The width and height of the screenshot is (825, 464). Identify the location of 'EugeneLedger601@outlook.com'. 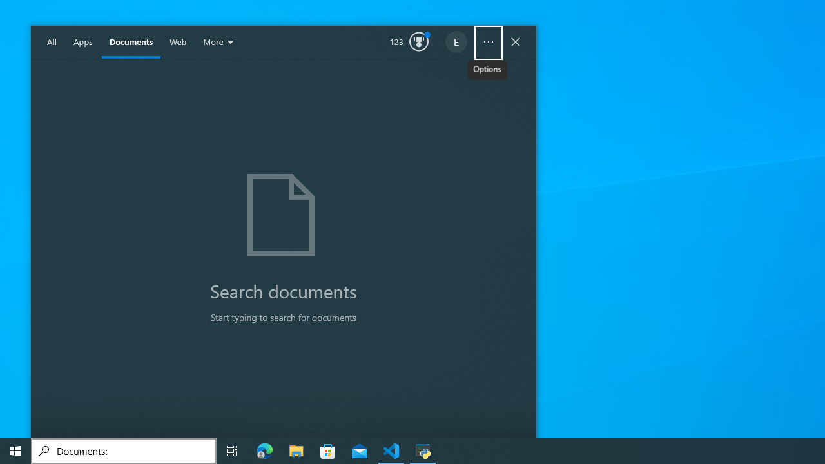
(456, 42).